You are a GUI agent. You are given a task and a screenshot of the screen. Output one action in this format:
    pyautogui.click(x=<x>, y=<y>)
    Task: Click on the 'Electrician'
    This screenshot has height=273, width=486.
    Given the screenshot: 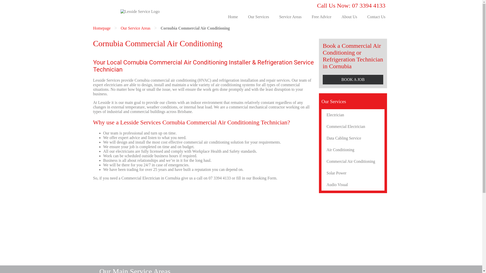 What is the action you would take?
    pyautogui.click(x=353, y=115)
    